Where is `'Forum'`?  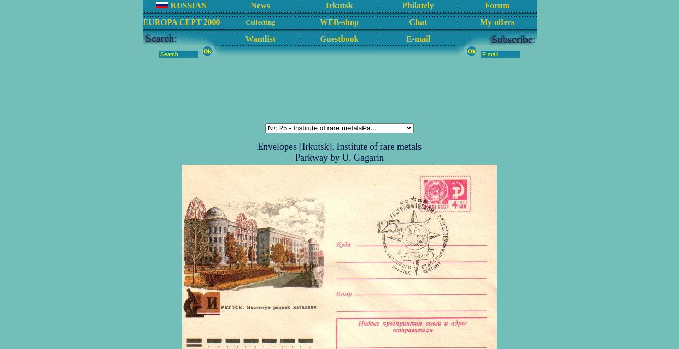 'Forum' is located at coordinates (484, 5).